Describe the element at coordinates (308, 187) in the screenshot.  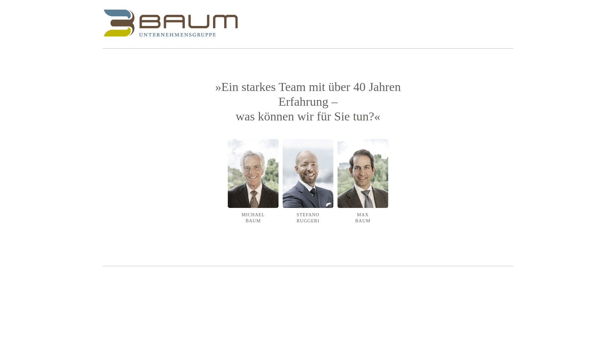
I see `'STEFANO` at that location.